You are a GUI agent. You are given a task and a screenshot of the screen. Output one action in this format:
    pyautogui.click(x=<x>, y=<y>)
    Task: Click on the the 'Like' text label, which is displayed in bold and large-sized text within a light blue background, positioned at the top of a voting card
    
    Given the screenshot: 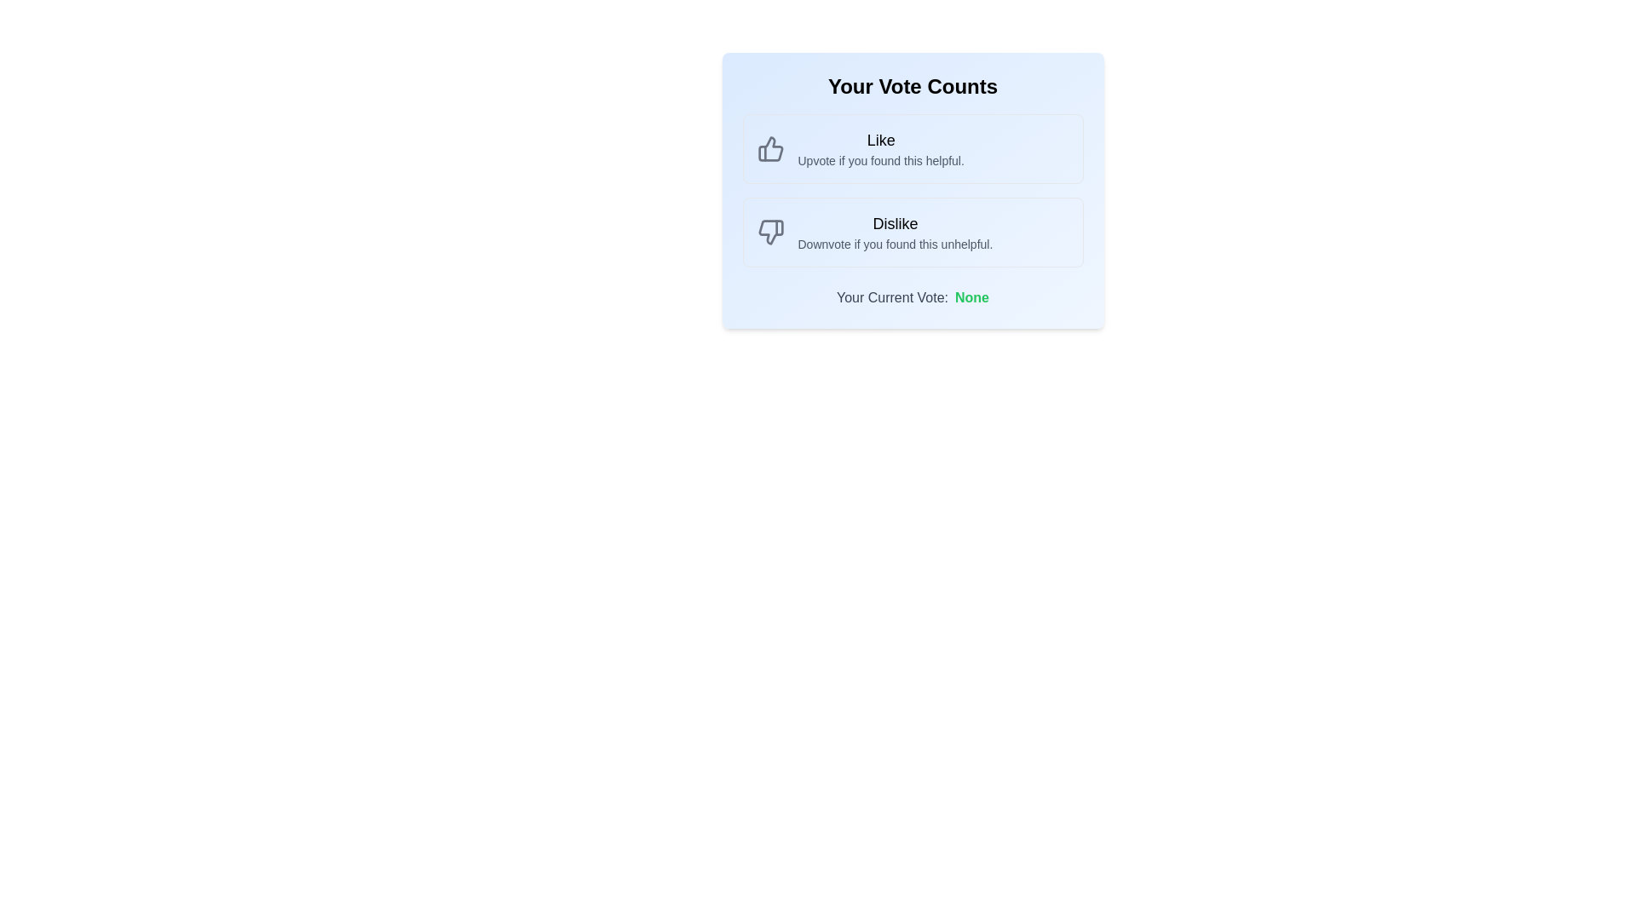 What is the action you would take?
    pyautogui.click(x=881, y=140)
    